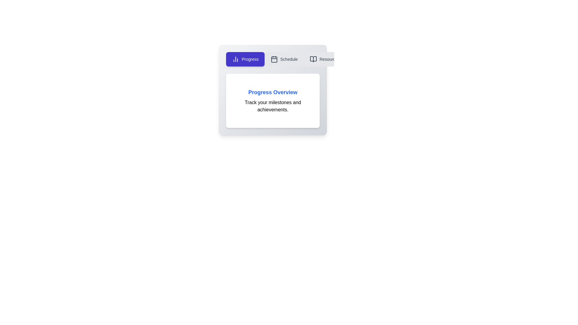 This screenshot has width=578, height=325. Describe the element at coordinates (284, 59) in the screenshot. I see `the tab button labeled Schedule to switch to the corresponding tab` at that location.